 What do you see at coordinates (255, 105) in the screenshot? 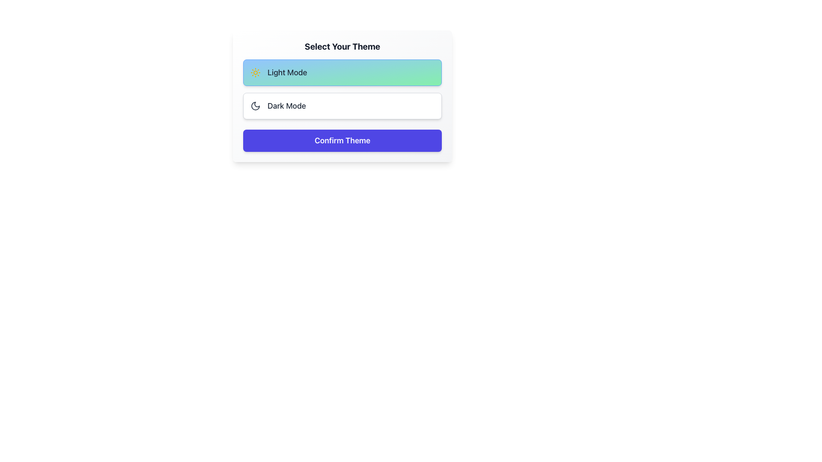
I see `the grayish crescent-shaped icon located inside the 'Dark Mode' button, positioned to the left of the text` at bounding box center [255, 105].